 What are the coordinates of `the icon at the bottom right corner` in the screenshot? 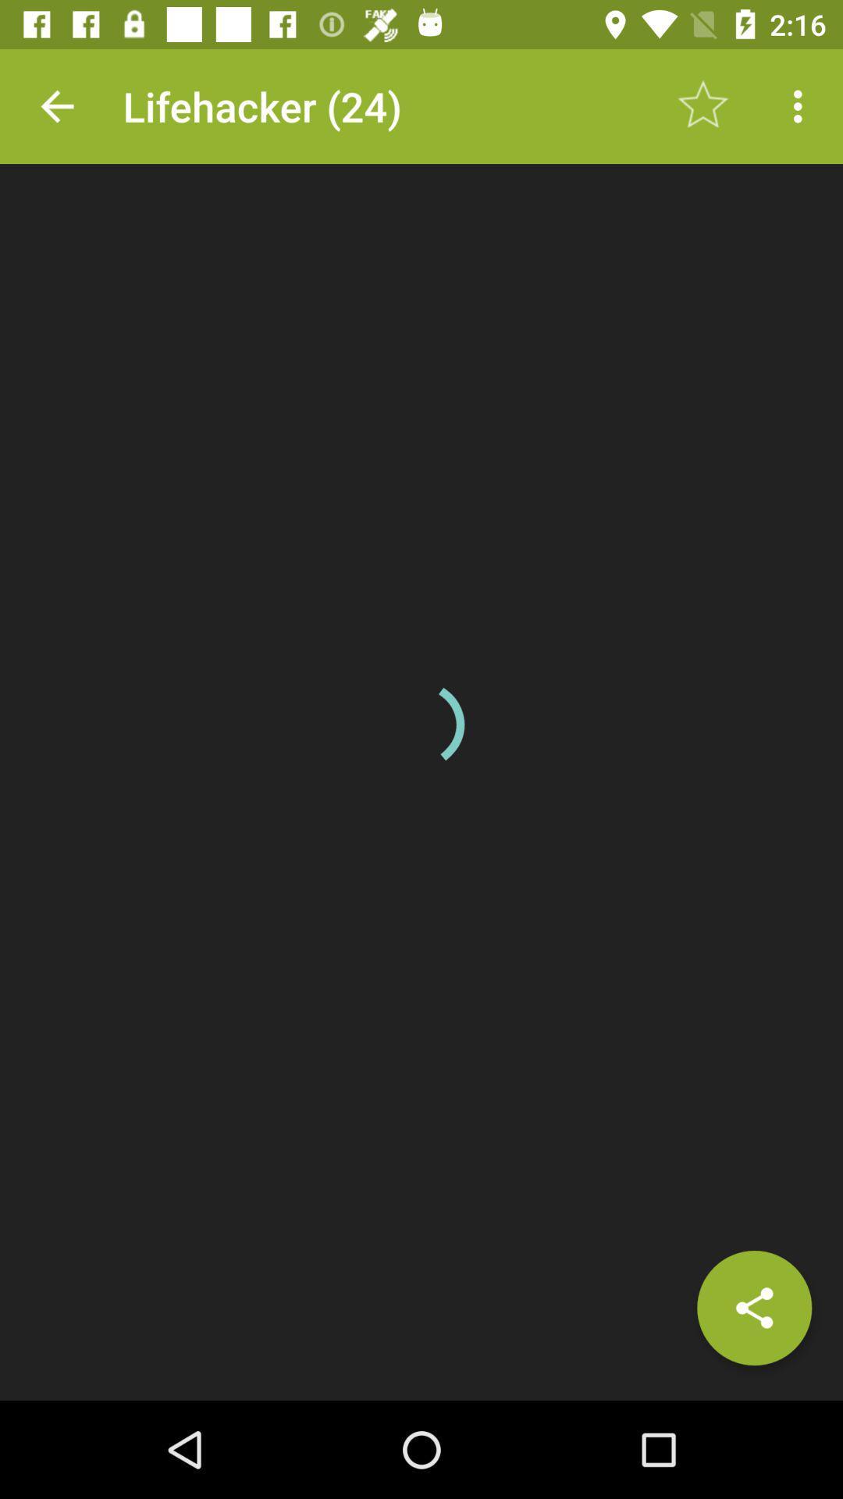 It's located at (753, 1308).